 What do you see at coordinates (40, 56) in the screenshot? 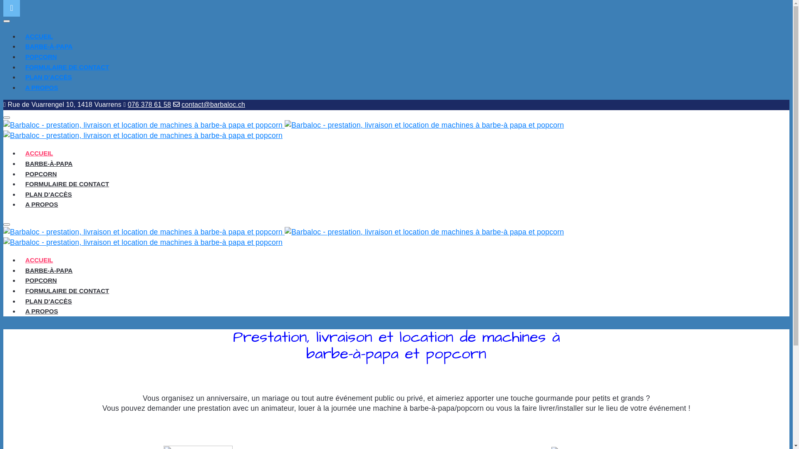
I see `'POPCORN'` at bounding box center [40, 56].